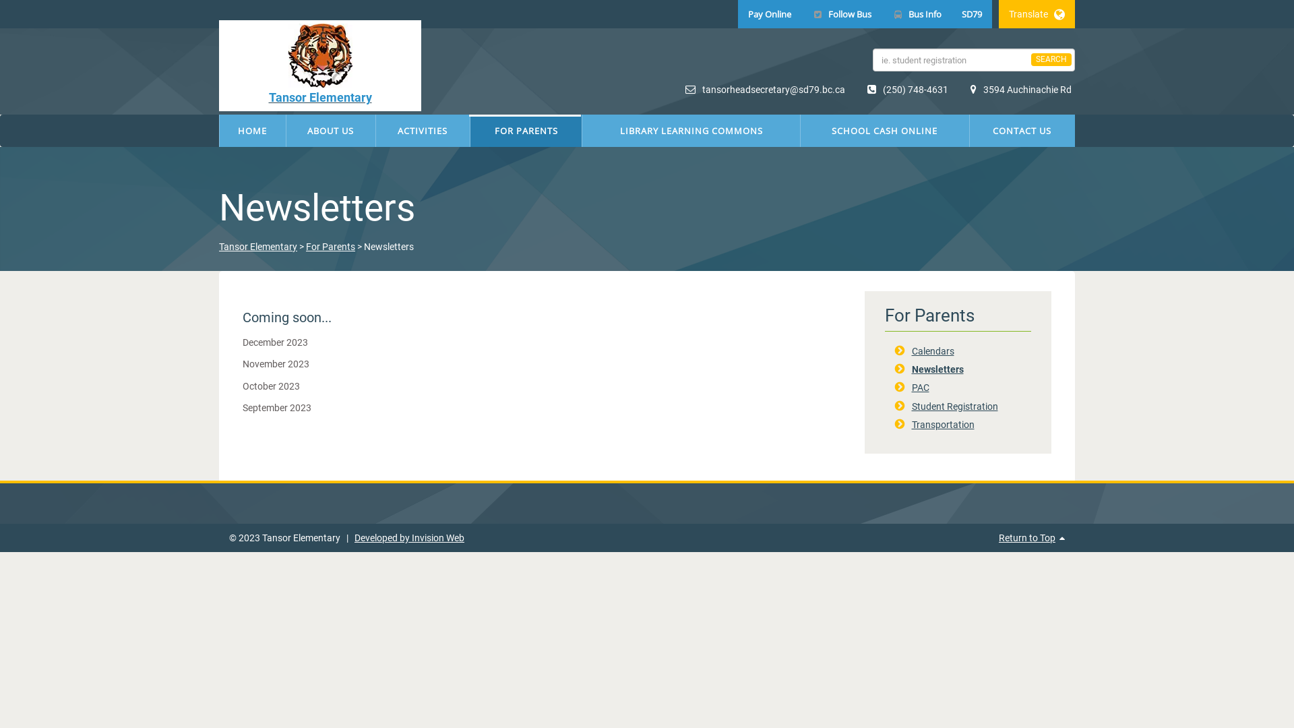 This screenshot has height=728, width=1294. What do you see at coordinates (691, 130) in the screenshot?
I see `'LIBRARY LEARNING COMMONS'` at bounding box center [691, 130].